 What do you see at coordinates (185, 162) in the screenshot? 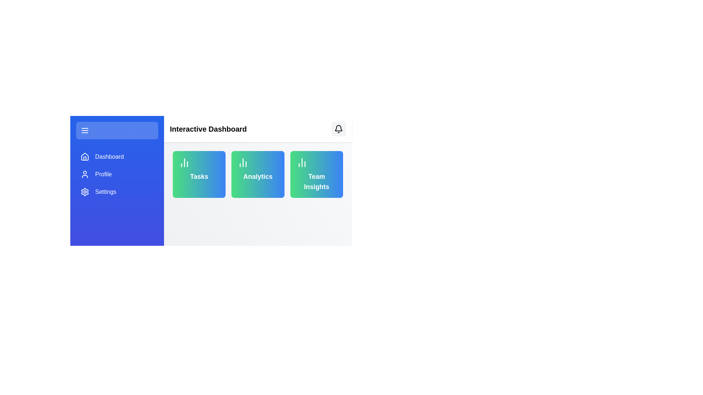
I see `the chart icon with a green to blue gradient background, located in the upper-left area of the 'Tasks' card in the second column of the main dashboard grid layout` at bounding box center [185, 162].